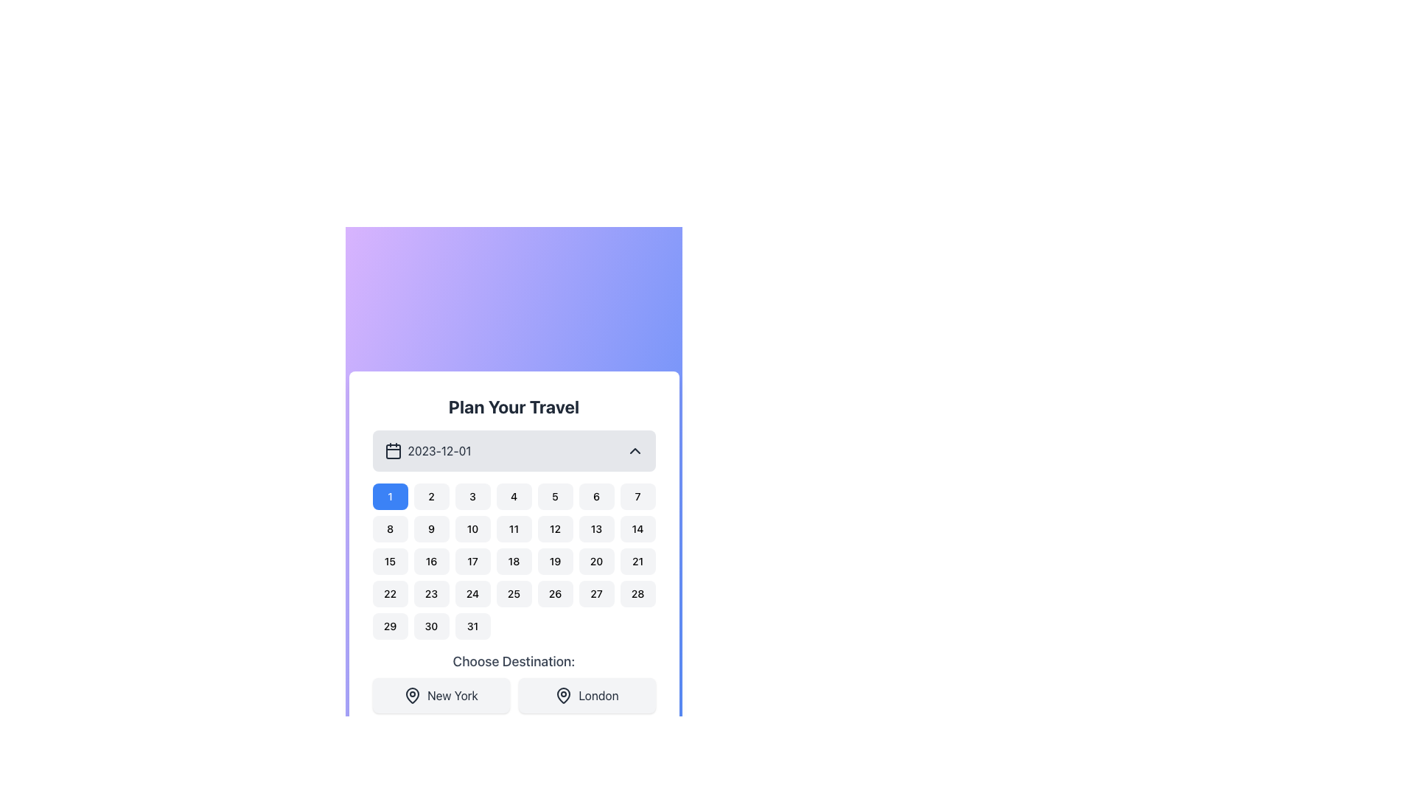 This screenshot has width=1415, height=796. I want to click on the button representing the 23rd day of the month in the calendar grid layout, so click(430, 593).